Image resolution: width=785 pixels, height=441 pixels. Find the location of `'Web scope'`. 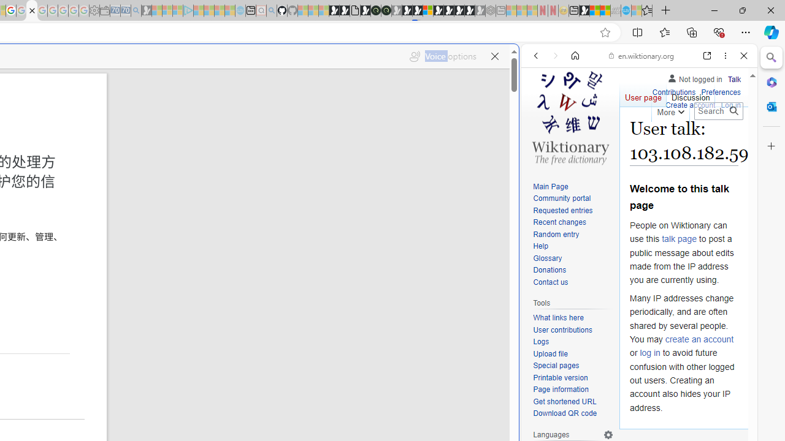

'Web scope' is located at coordinates (540, 110).